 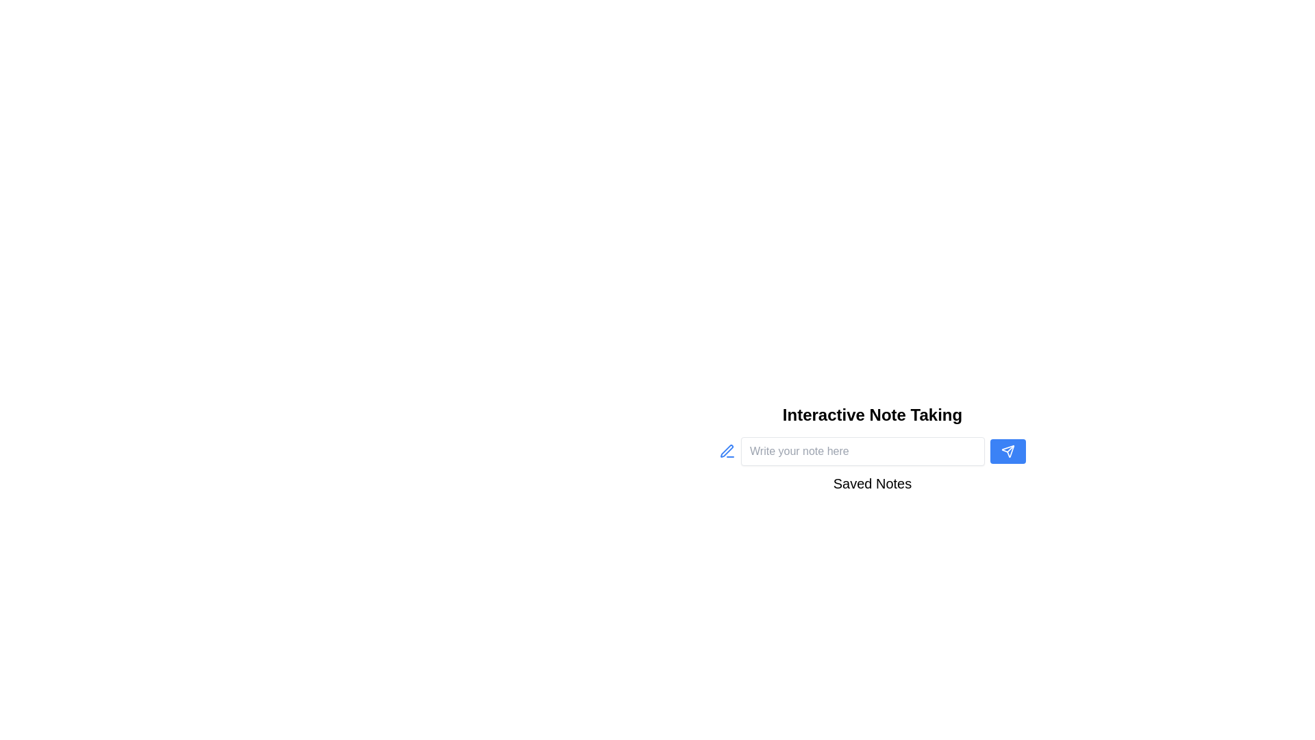 What do you see at coordinates (1008, 452) in the screenshot?
I see `the paper airplane icon located within the blue circular 'Send' button, positioned to the right of the text input field` at bounding box center [1008, 452].